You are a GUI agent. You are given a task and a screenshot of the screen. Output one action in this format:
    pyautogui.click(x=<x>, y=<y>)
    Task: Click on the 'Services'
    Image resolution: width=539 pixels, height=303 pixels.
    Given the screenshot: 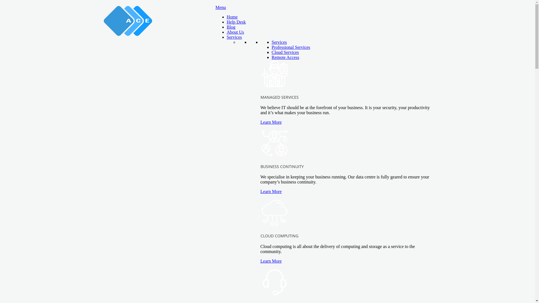 What is the action you would take?
    pyautogui.click(x=234, y=37)
    